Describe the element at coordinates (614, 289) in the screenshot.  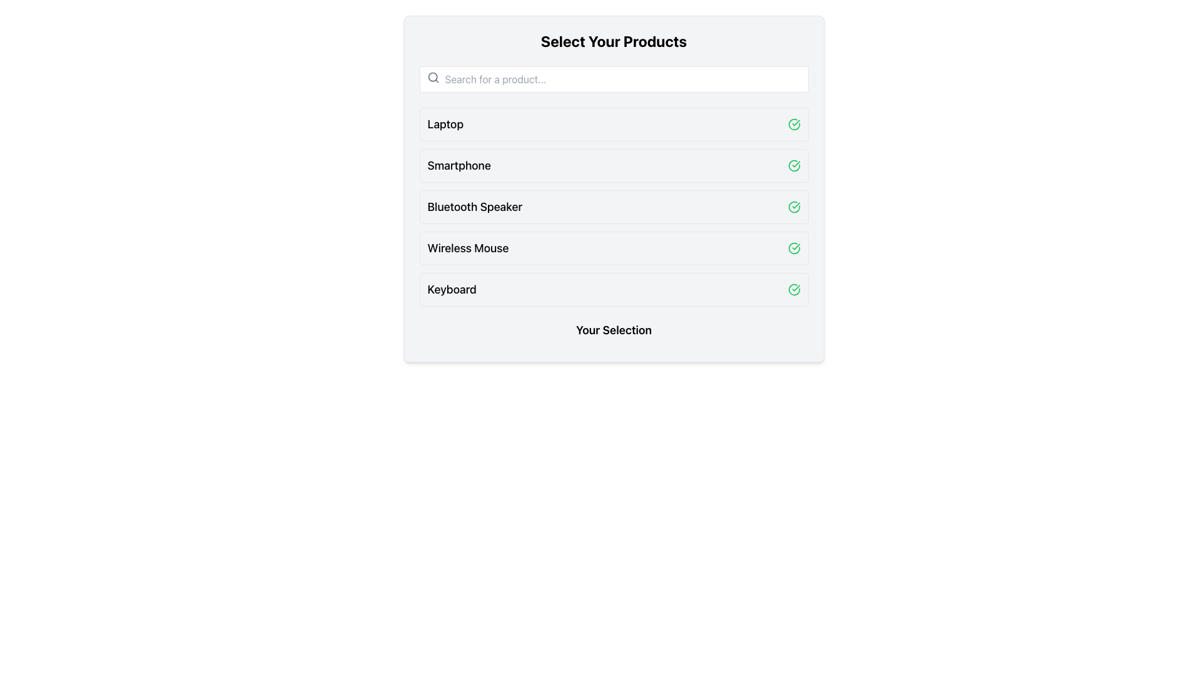
I see `the 'Keyboard' selection button` at that location.